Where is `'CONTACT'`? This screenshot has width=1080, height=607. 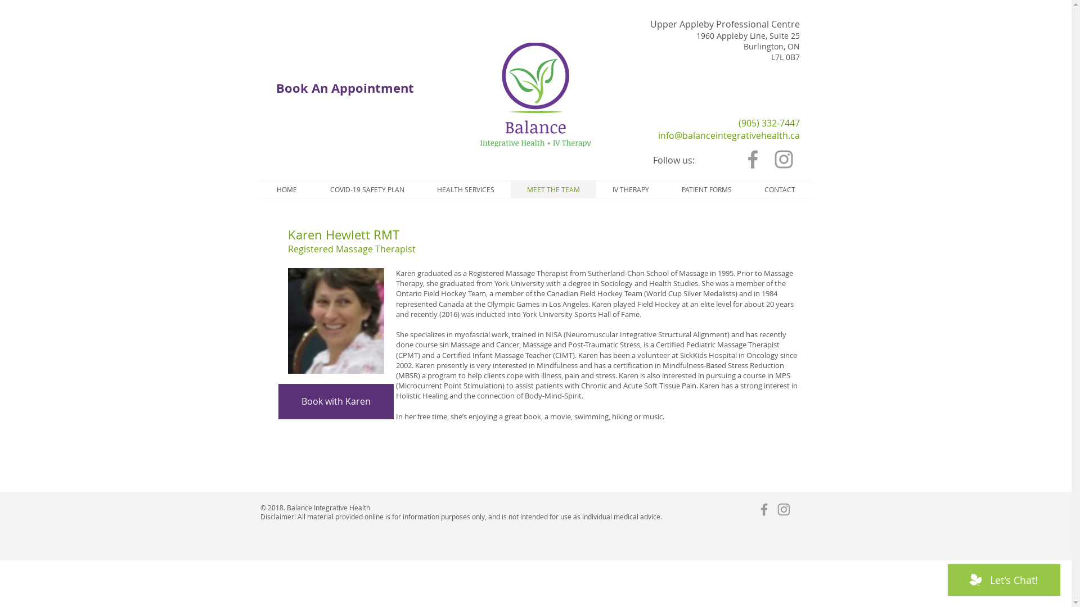 'CONTACT' is located at coordinates (779, 188).